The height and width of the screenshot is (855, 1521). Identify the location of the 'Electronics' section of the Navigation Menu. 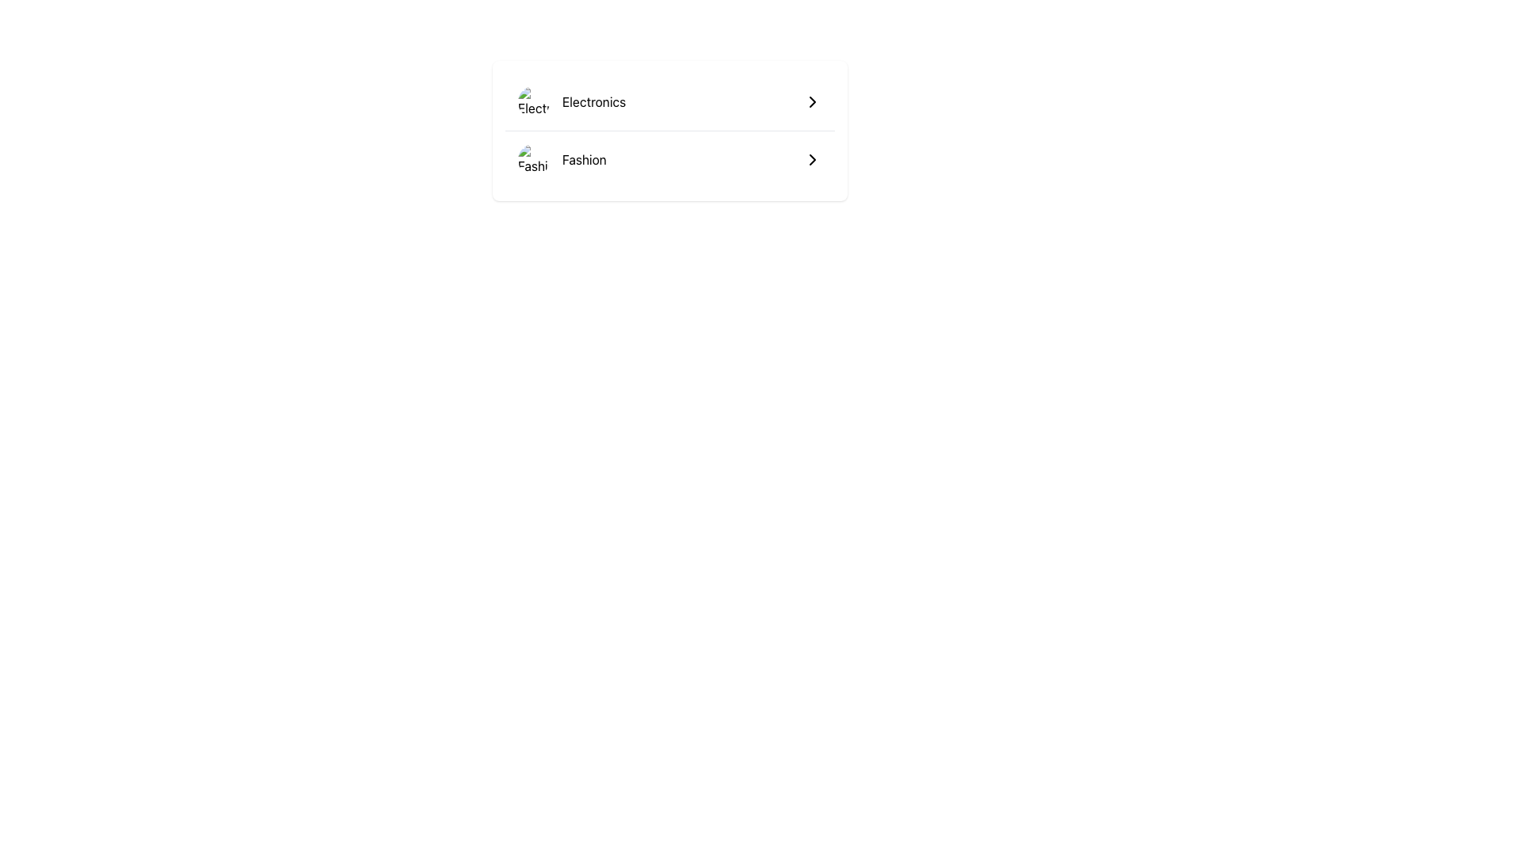
(669, 130).